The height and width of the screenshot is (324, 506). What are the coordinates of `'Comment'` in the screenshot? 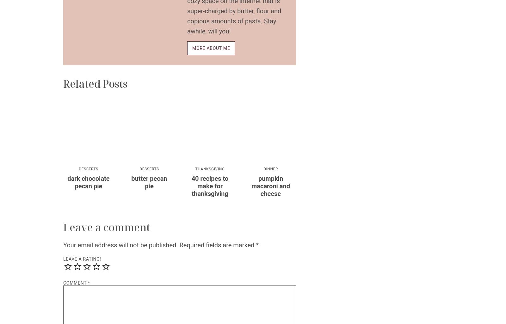 It's located at (76, 282).